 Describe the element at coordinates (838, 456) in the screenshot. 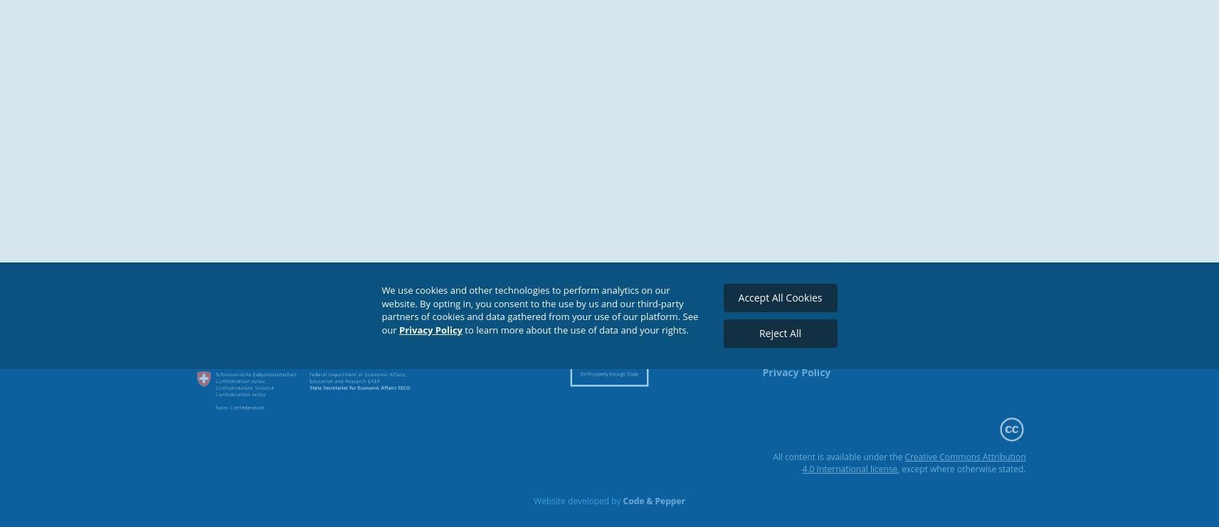

I see `'All content is available under the'` at that location.